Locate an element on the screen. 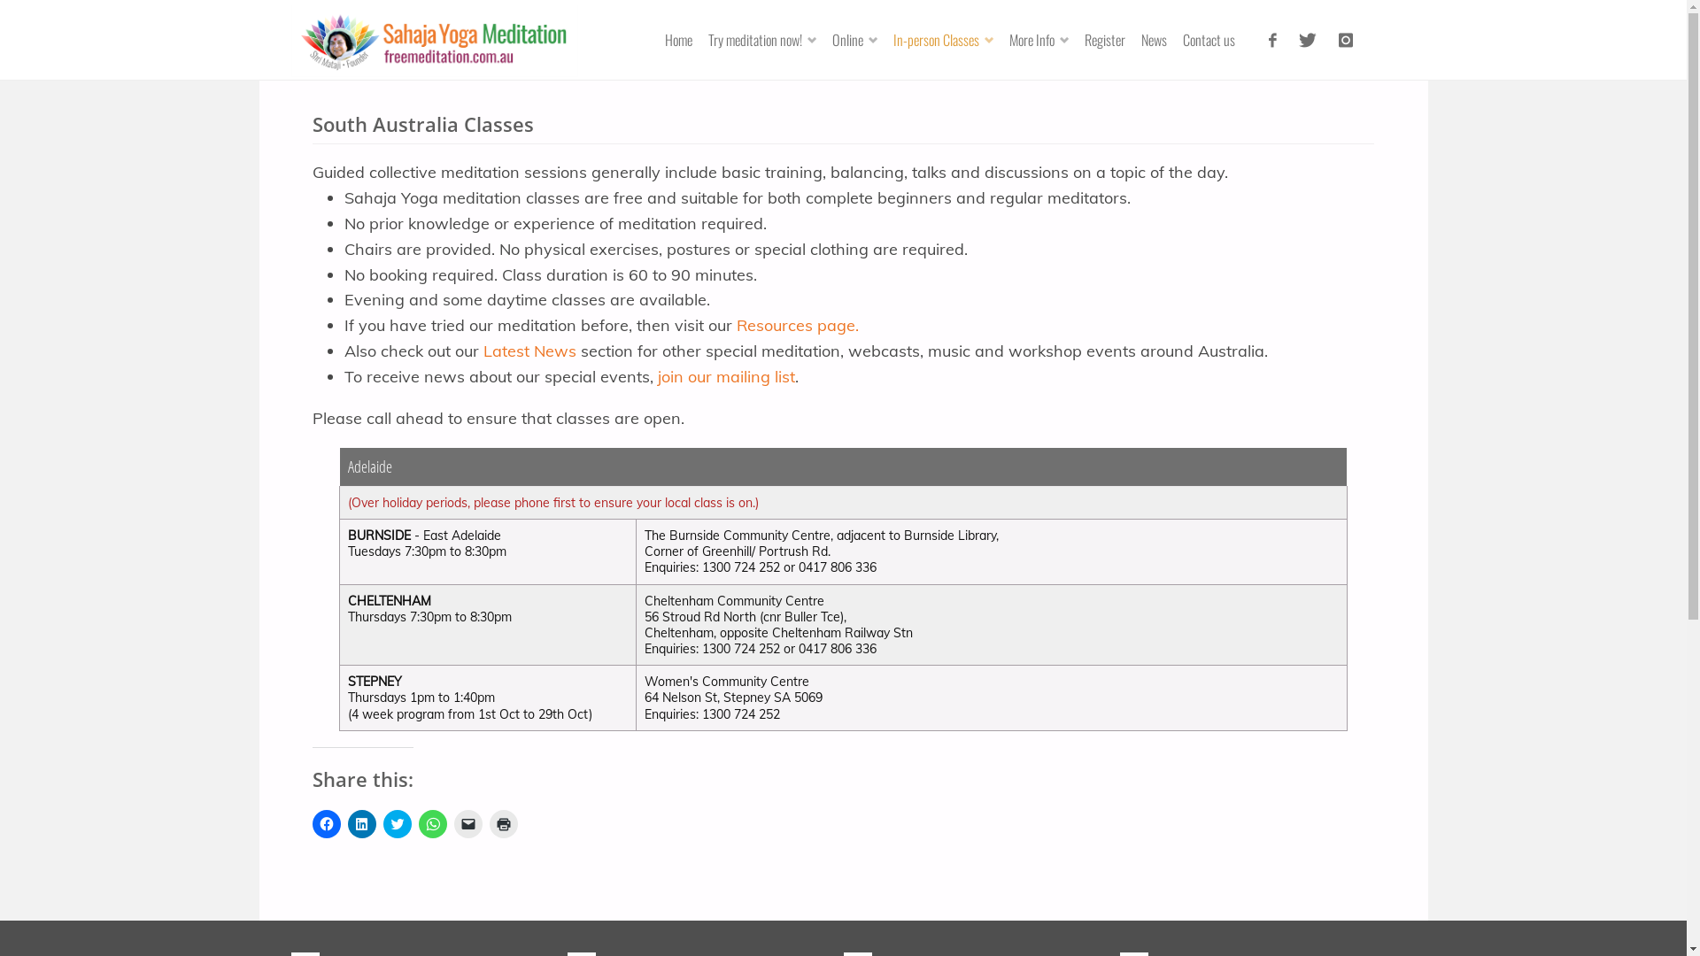  'Click to email a link to a friend (Opens in new window)' is located at coordinates (467, 823).